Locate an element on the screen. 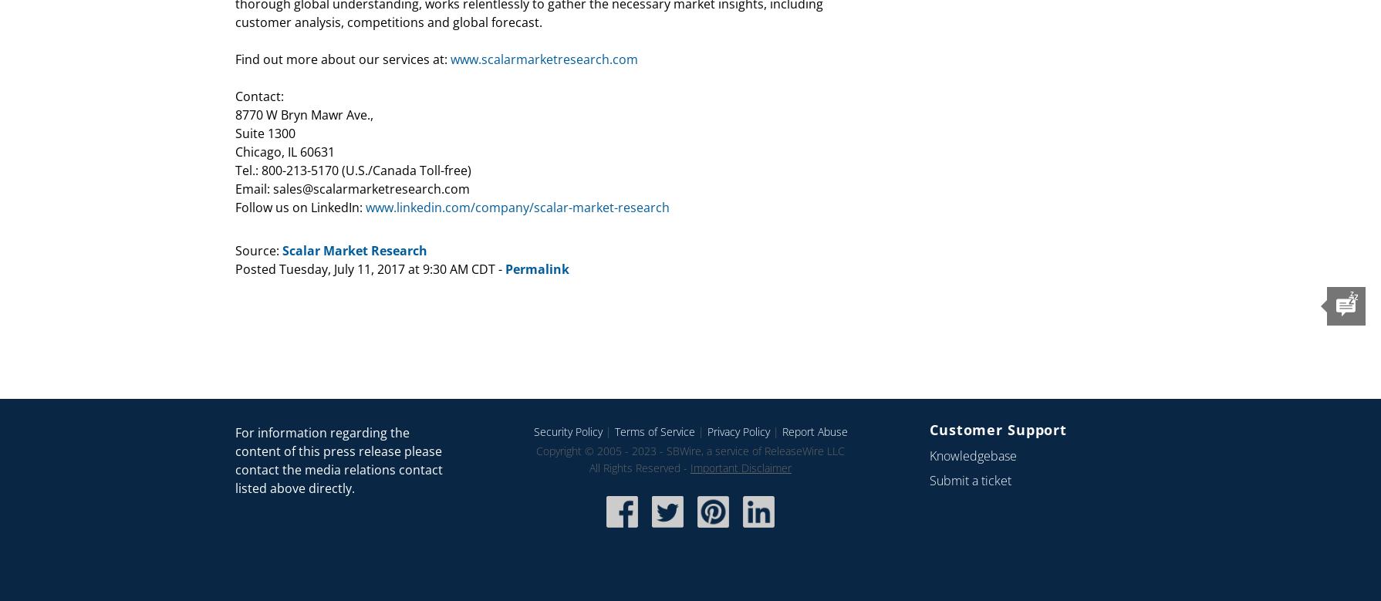 The height and width of the screenshot is (601, 1381). 'Customer Support' is located at coordinates (998, 428).